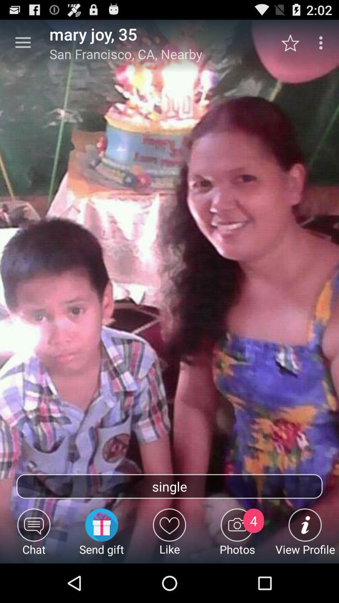  Describe the element at coordinates (23, 42) in the screenshot. I see `item above single` at that location.